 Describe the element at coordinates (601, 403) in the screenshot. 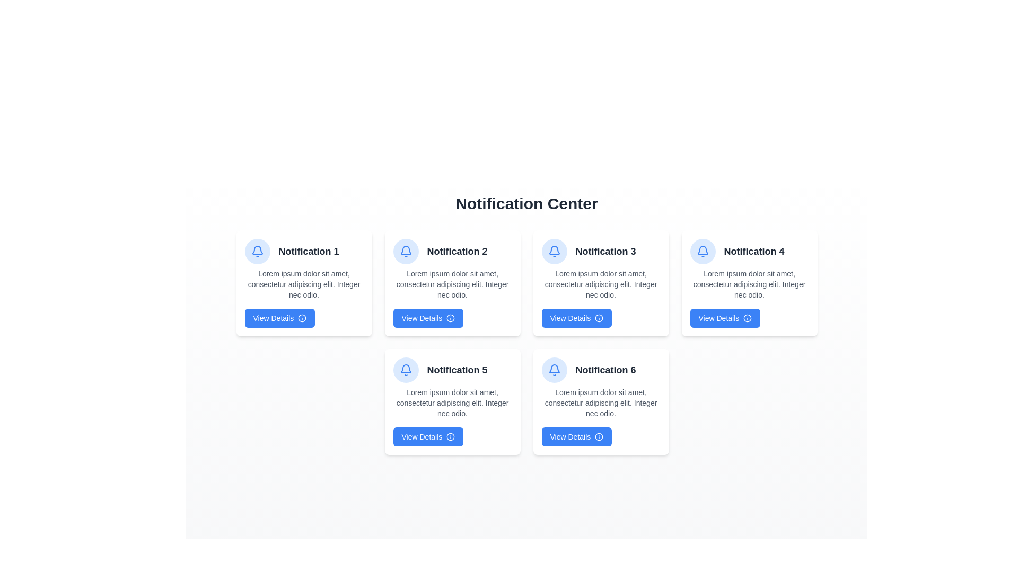

I see `the text block containing the placeholder text 'Lorem ipsum dolor sit amet, consectetur adipiscing elit. Integer nec odio.' in the notification card labeled 'Notification 6', located in the bottom-right corner of the grid layout` at that location.